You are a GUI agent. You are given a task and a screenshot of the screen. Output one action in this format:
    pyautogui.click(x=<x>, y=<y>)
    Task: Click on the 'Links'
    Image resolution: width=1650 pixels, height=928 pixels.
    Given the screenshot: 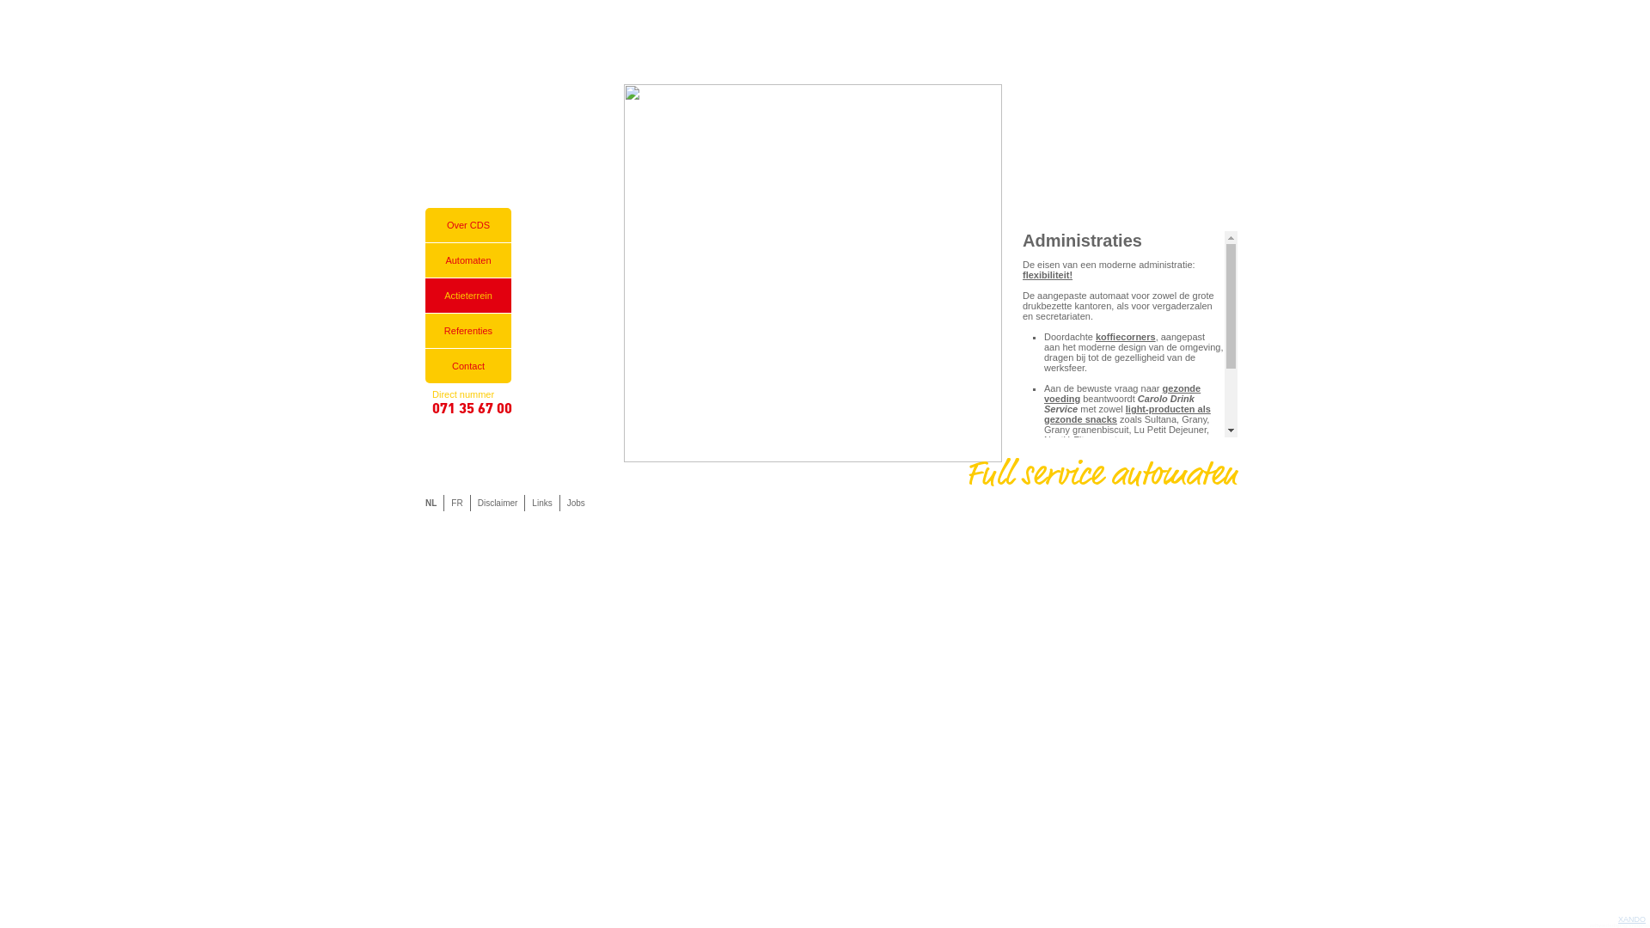 What is the action you would take?
    pyautogui.click(x=522, y=503)
    